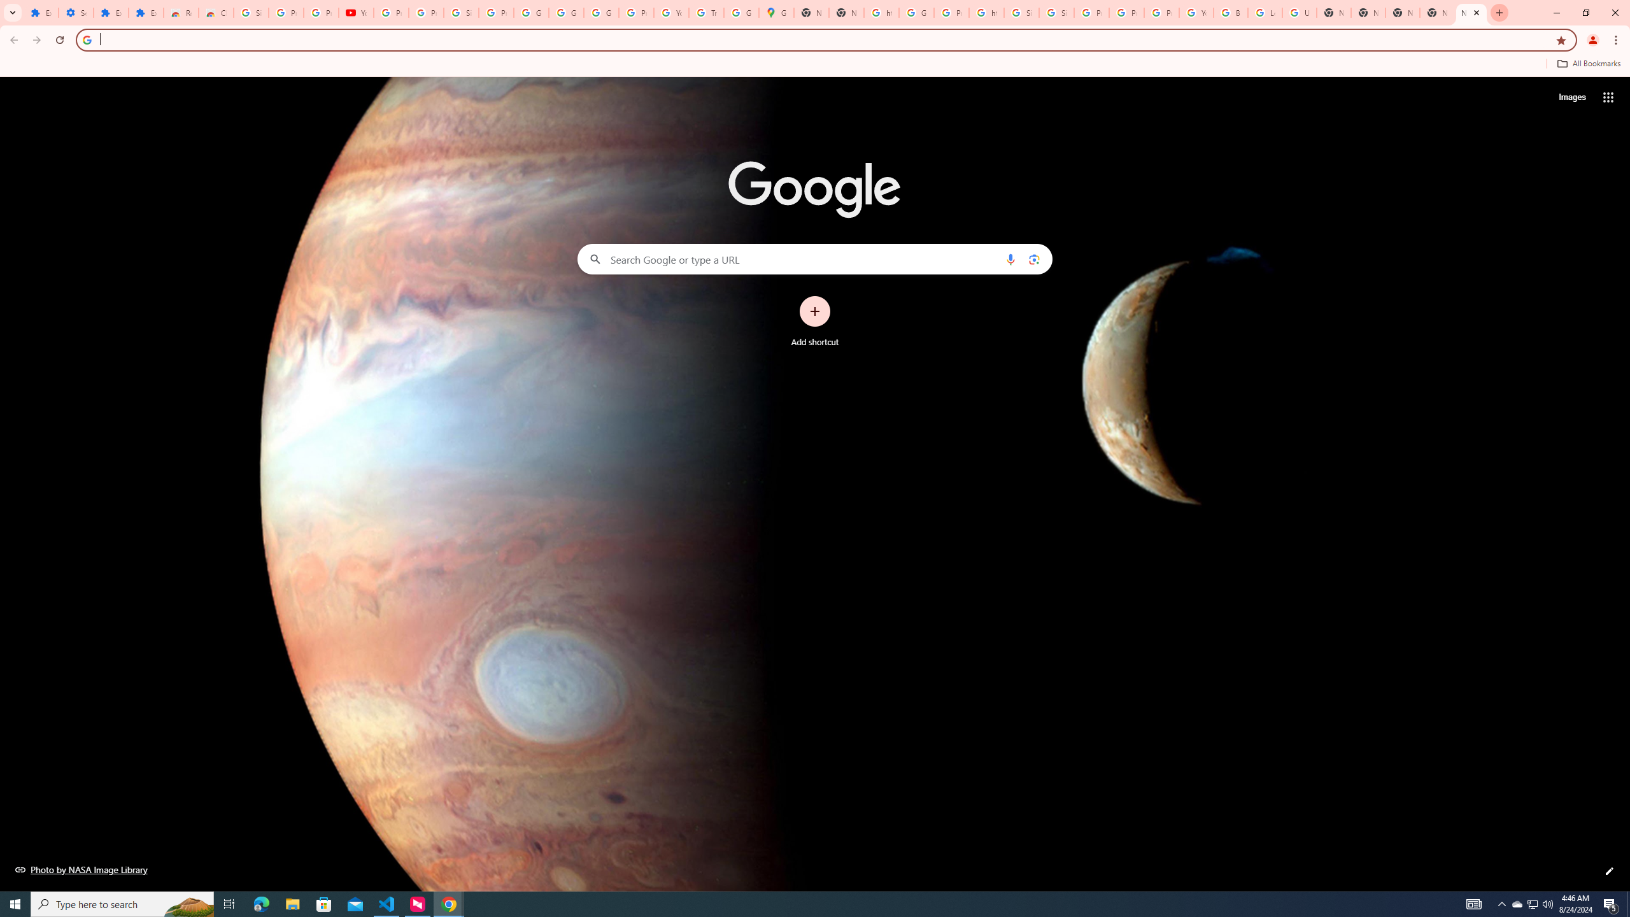 Image resolution: width=1630 pixels, height=917 pixels. I want to click on 'New Tab', so click(1401, 12).